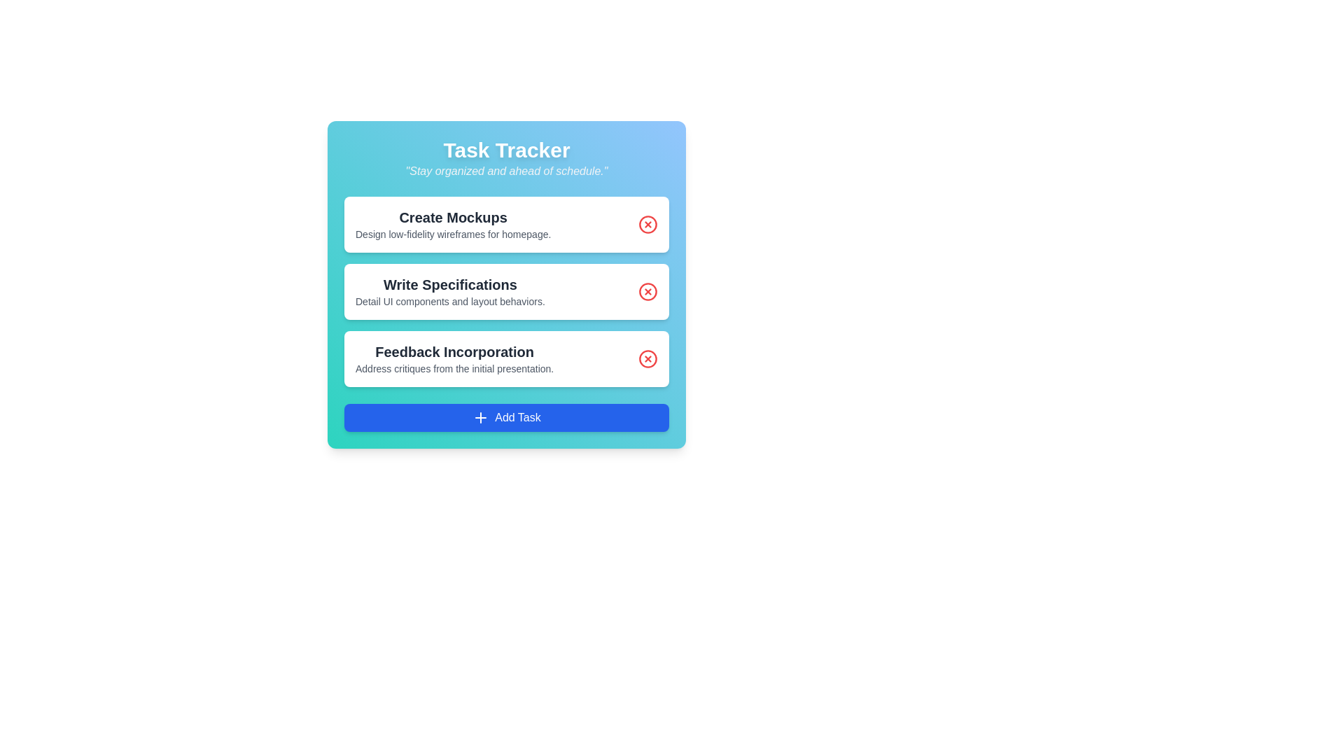 Image resolution: width=1344 pixels, height=756 pixels. I want to click on the delete icon for the task titled 'Write Specifications', so click(647, 290).